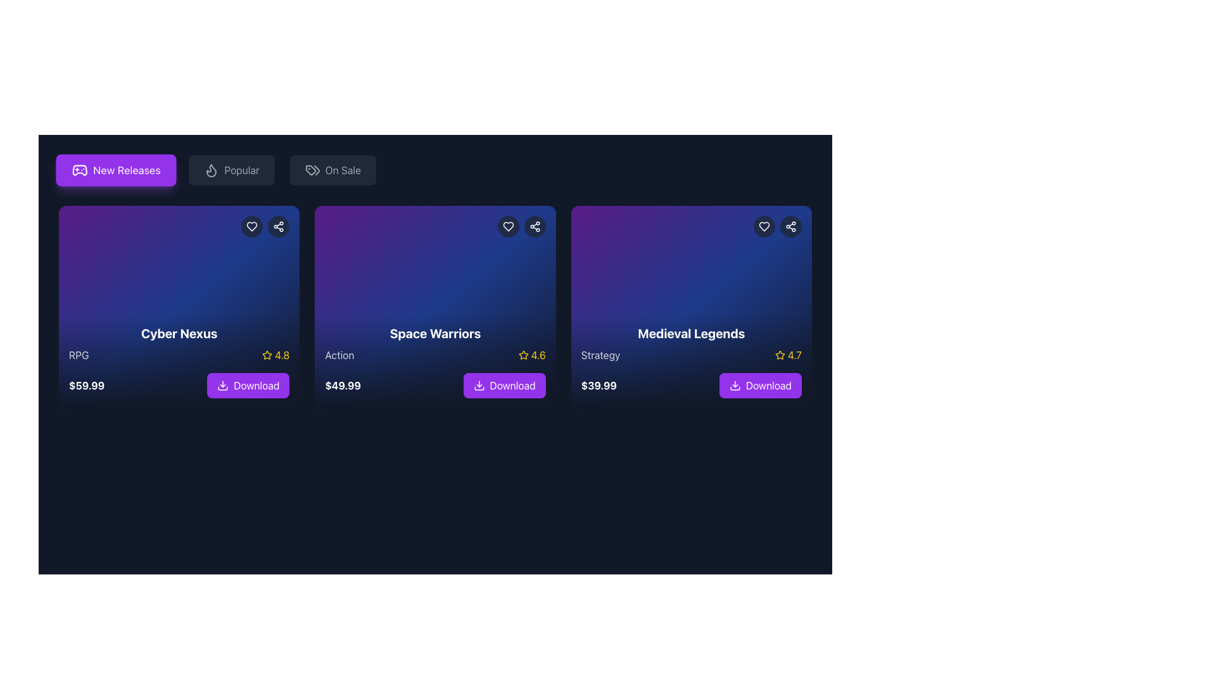 The height and width of the screenshot is (684, 1216). Describe the element at coordinates (535, 226) in the screenshot. I see `the share icon button located in the top-right corner of the second card` at that location.